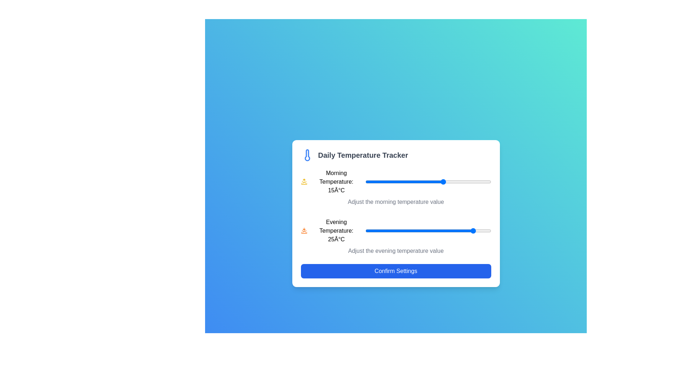  What do you see at coordinates (475, 231) in the screenshot?
I see `the evening temperature slider to 25°C` at bounding box center [475, 231].